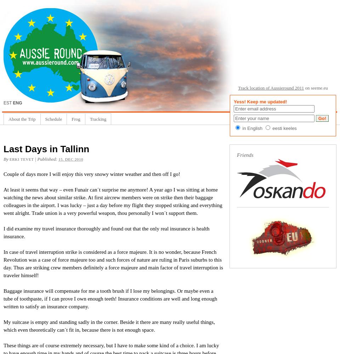 The height and width of the screenshot is (354, 340). What do you see at coordinates (106, 233) in the screenshot?
I see `'I did examine my travel insurance thoroughly and found out that the only real insurance is health insurance.'` at bounding box center [106, 233].